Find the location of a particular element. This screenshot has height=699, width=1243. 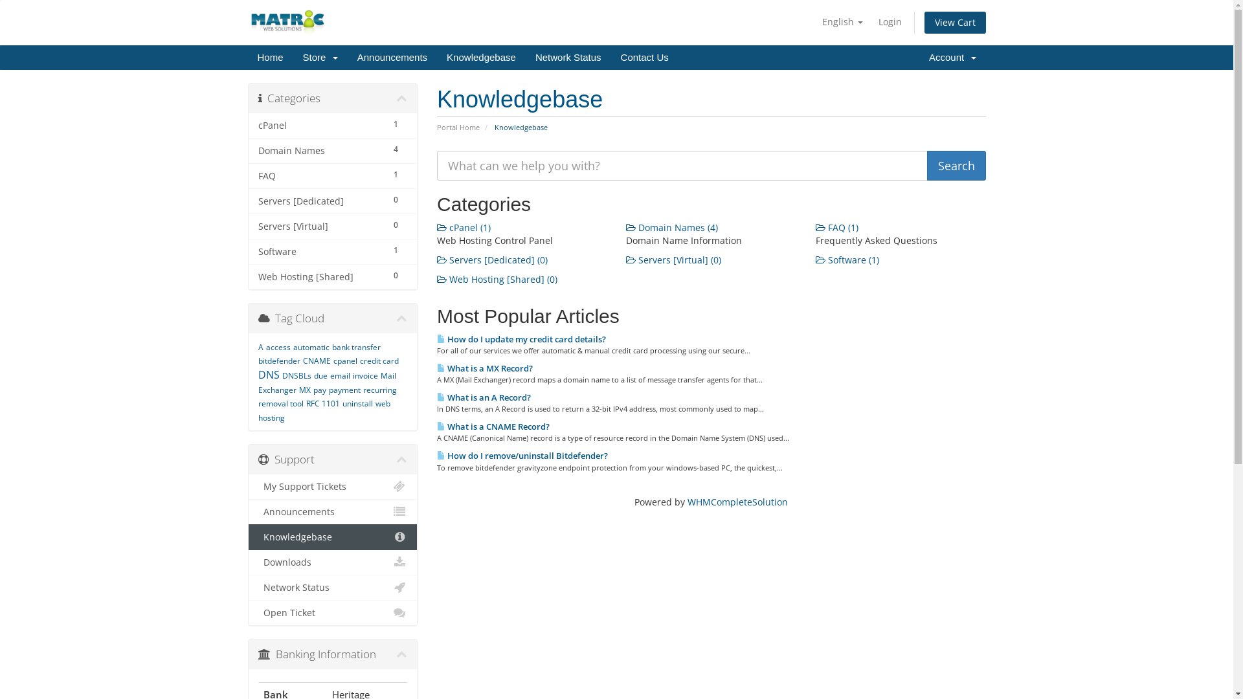

'Domain Names (4)' is located at coordinates (625, 227).